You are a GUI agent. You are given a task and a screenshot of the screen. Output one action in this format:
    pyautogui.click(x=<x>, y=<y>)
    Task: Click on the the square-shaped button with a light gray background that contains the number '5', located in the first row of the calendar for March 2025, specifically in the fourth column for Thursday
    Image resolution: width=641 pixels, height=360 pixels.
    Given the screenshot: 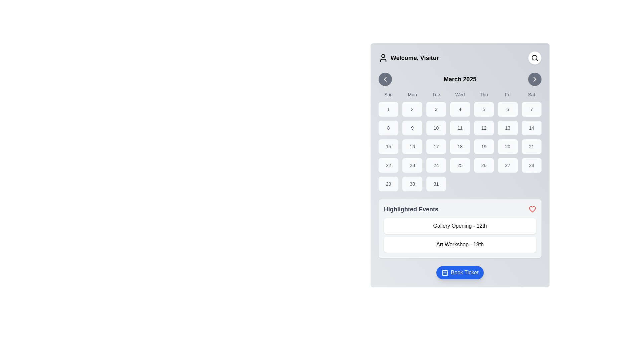 What is the action you would take?
    pyautogui.click(x=484, y=109)
    